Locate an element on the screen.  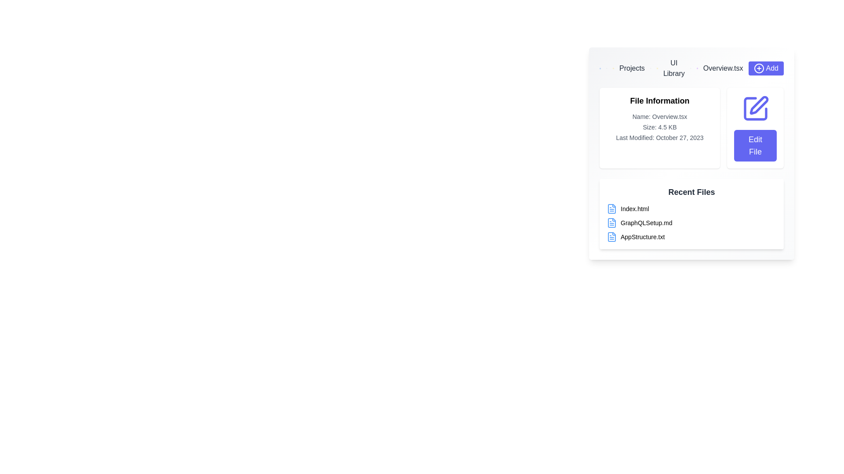
the 'Index.html' text label in the 'Recent Files' section is located at coordinates (635, 208).